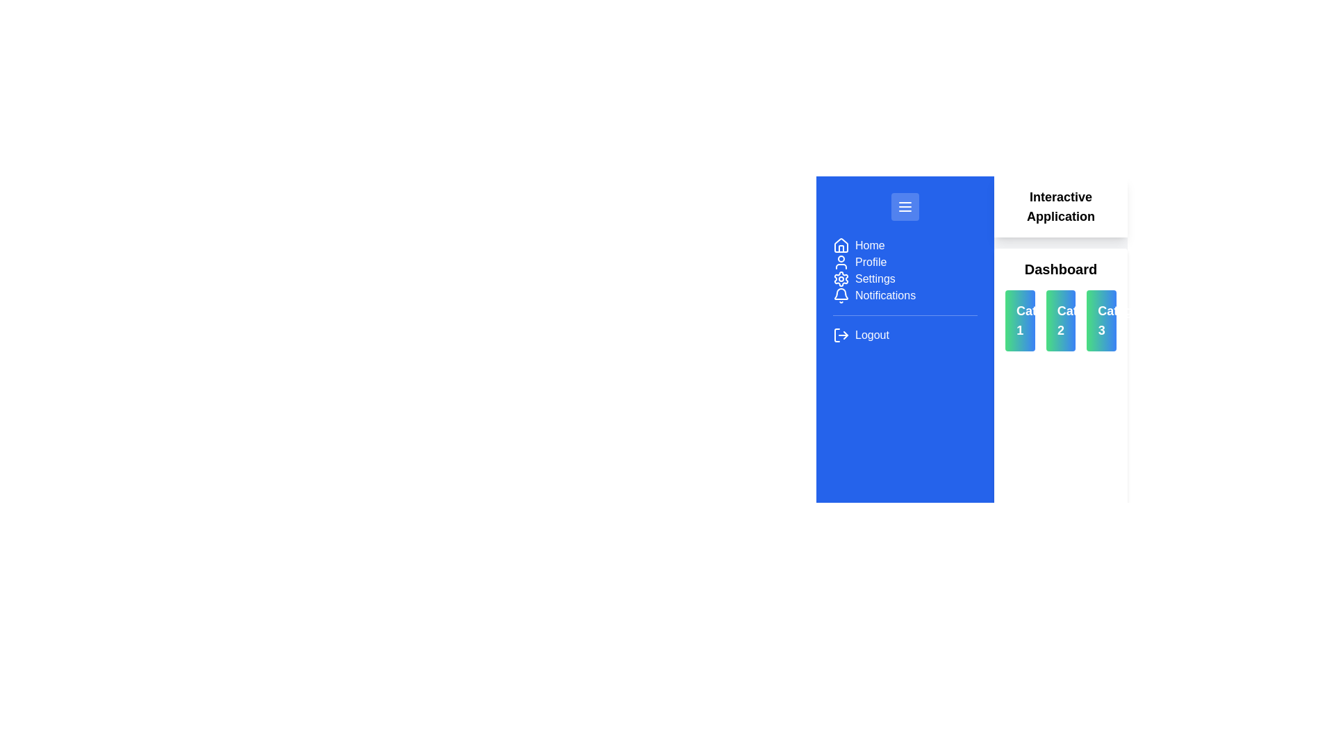 This screenshot has height=750, width=1334. I want to click on the Text label within the navigation menu, so click(884, 294).